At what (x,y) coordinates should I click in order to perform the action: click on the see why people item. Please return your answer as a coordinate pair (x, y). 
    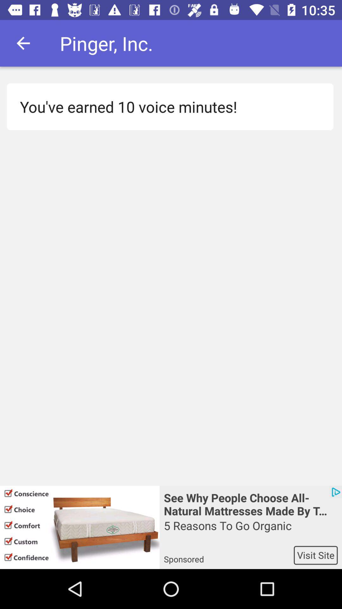
    Looking at the image, I should click on (250, 503).